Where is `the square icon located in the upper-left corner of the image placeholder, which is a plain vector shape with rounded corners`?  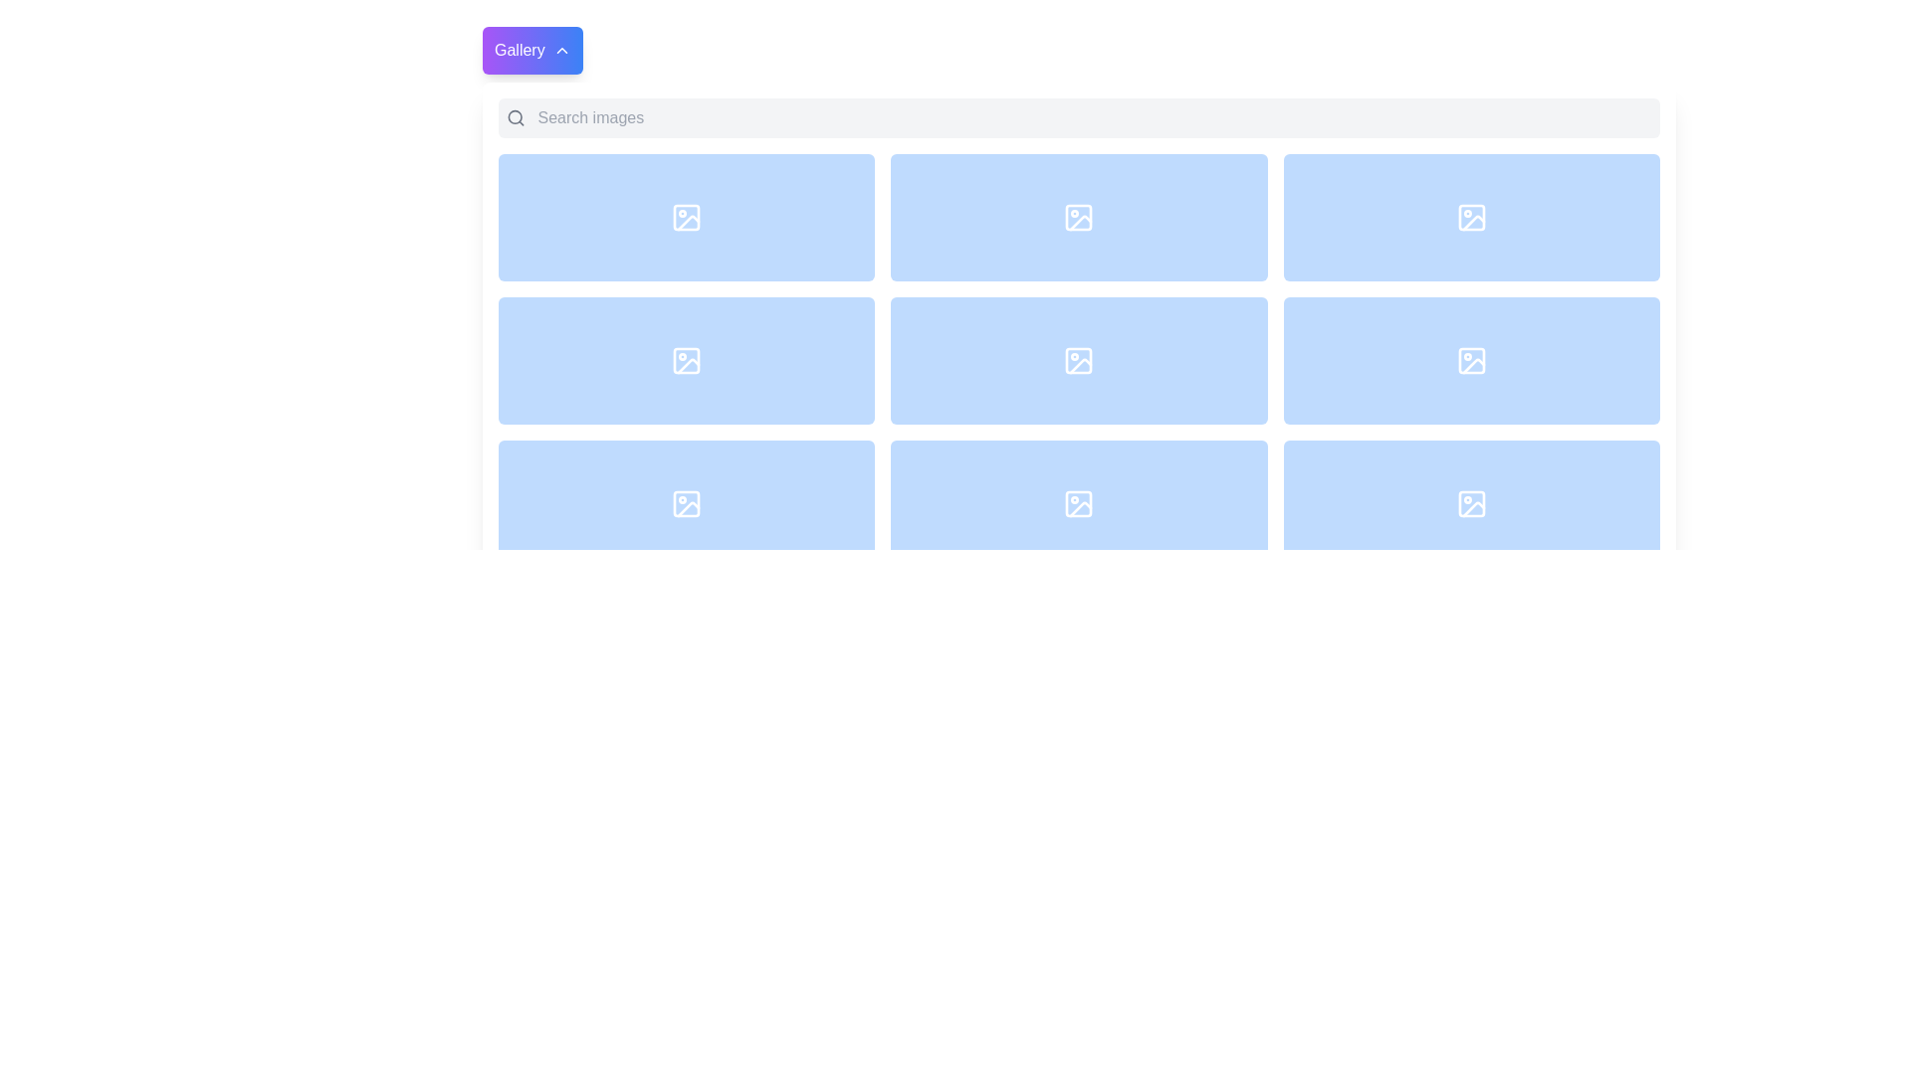
the square icon located in the upper-left corner of the image placeholder, which is a plain vector shape with rounded corners is located at coordinates (687, 218).